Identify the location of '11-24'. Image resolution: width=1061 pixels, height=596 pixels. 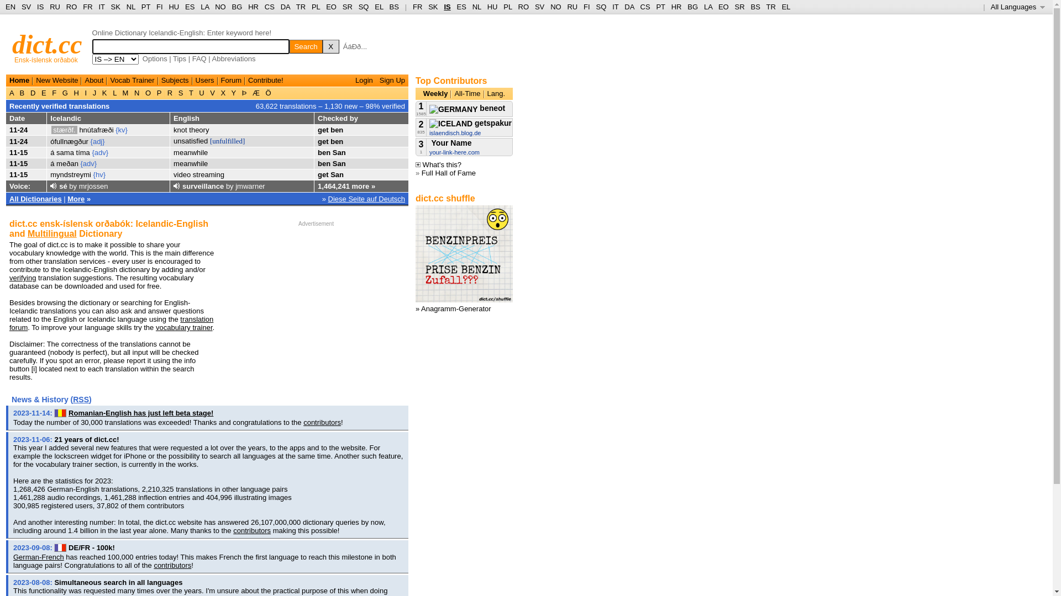
(18, 140).